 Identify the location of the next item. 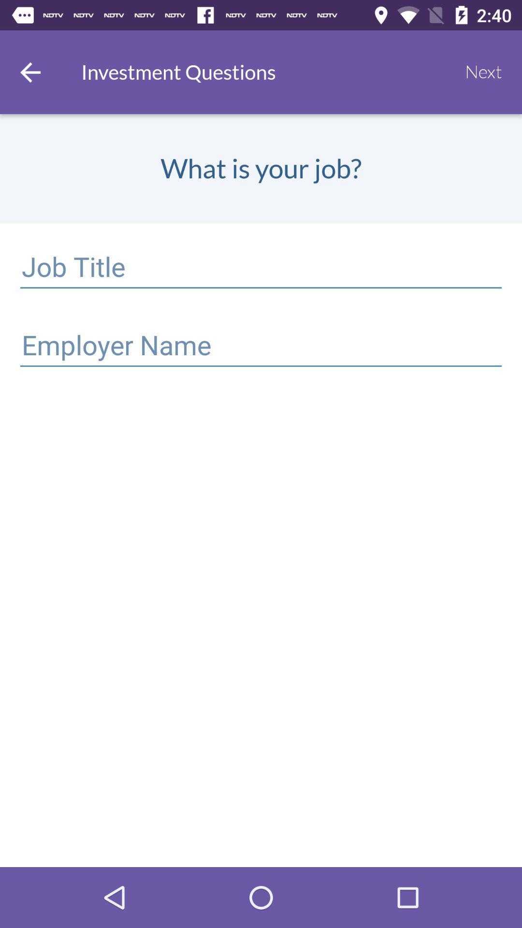
(483, 72).